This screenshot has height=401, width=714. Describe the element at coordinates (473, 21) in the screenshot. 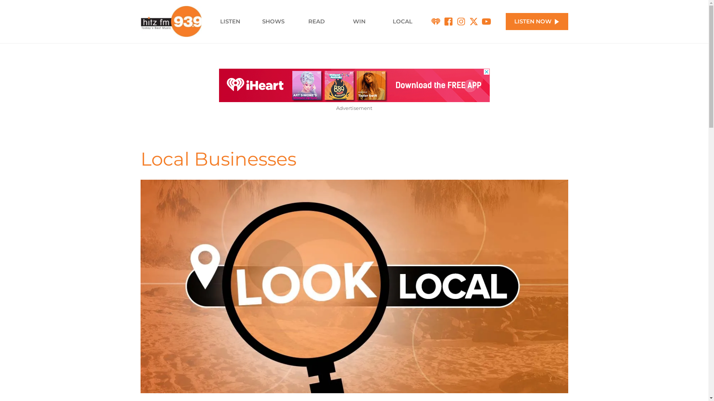

I see `'Twitter/X'` at that location.